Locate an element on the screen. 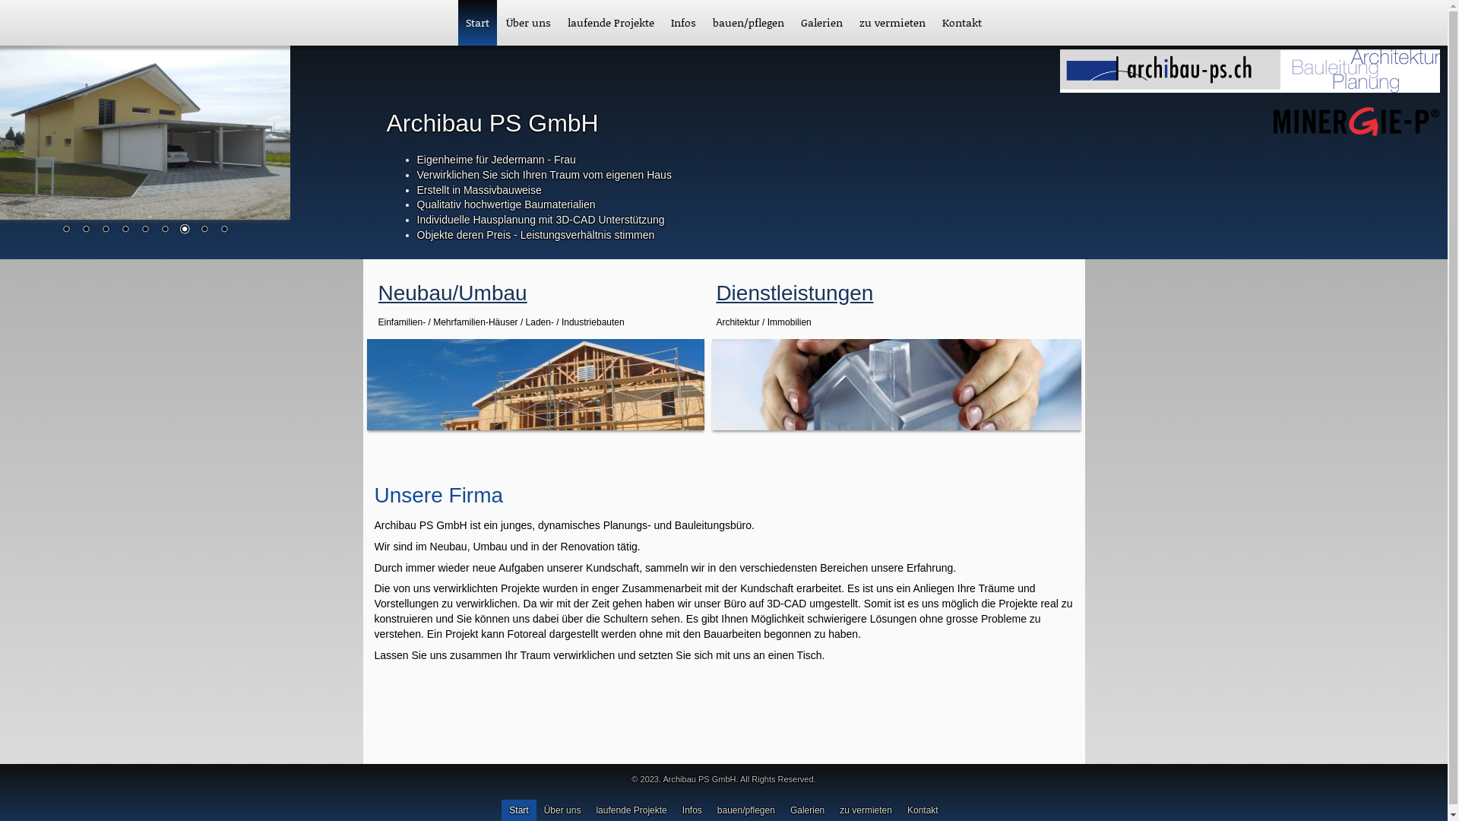 The image size is (1459, 821). '3' is located at coordinates (105, 230).